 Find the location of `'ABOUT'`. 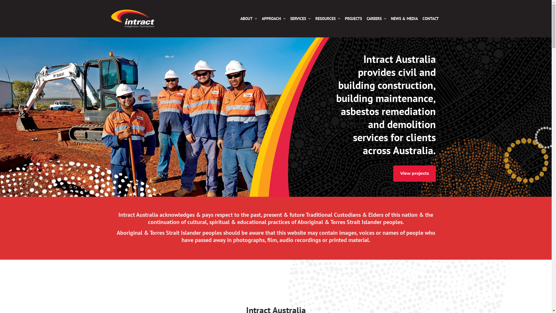

'ABOUT' is located at coordinates (249, 18).